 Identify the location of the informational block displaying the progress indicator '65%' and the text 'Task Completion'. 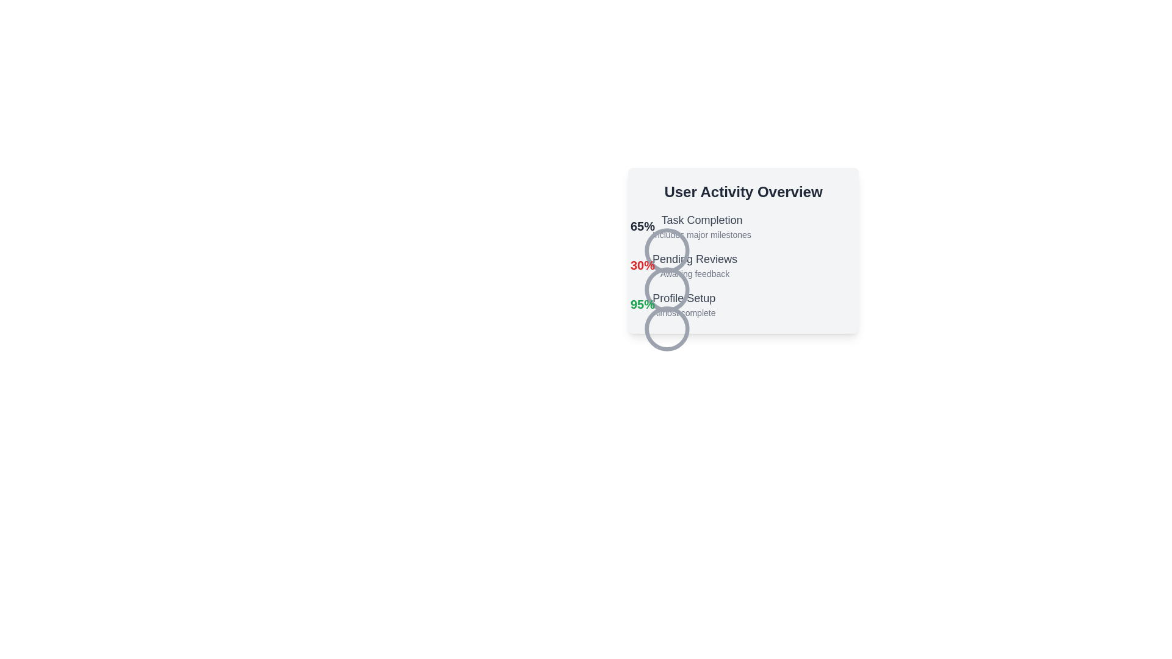
(743, 226).